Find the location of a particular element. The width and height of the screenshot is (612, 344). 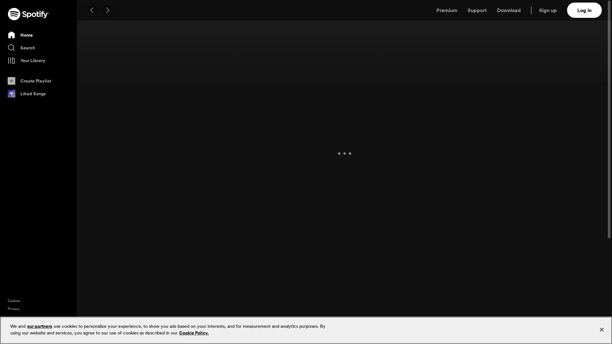

Play Fresh Finds Pop is located at coordinates (521, 88).